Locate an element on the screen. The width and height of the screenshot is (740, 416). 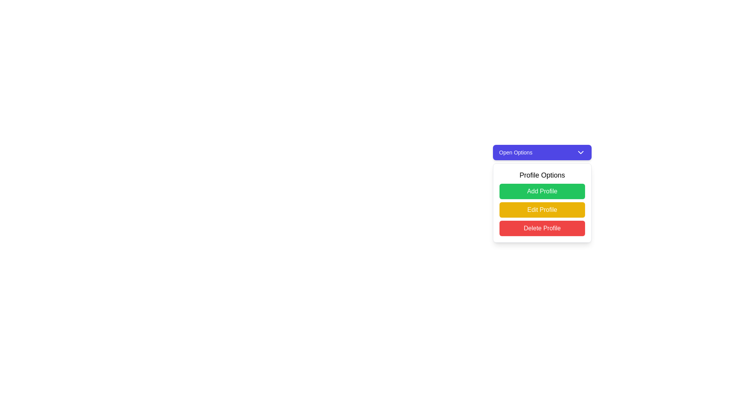
the 'Delete Profile' button located at the bottom of the 'Profile Options' section to change its color is located at coordinates (542, 228).